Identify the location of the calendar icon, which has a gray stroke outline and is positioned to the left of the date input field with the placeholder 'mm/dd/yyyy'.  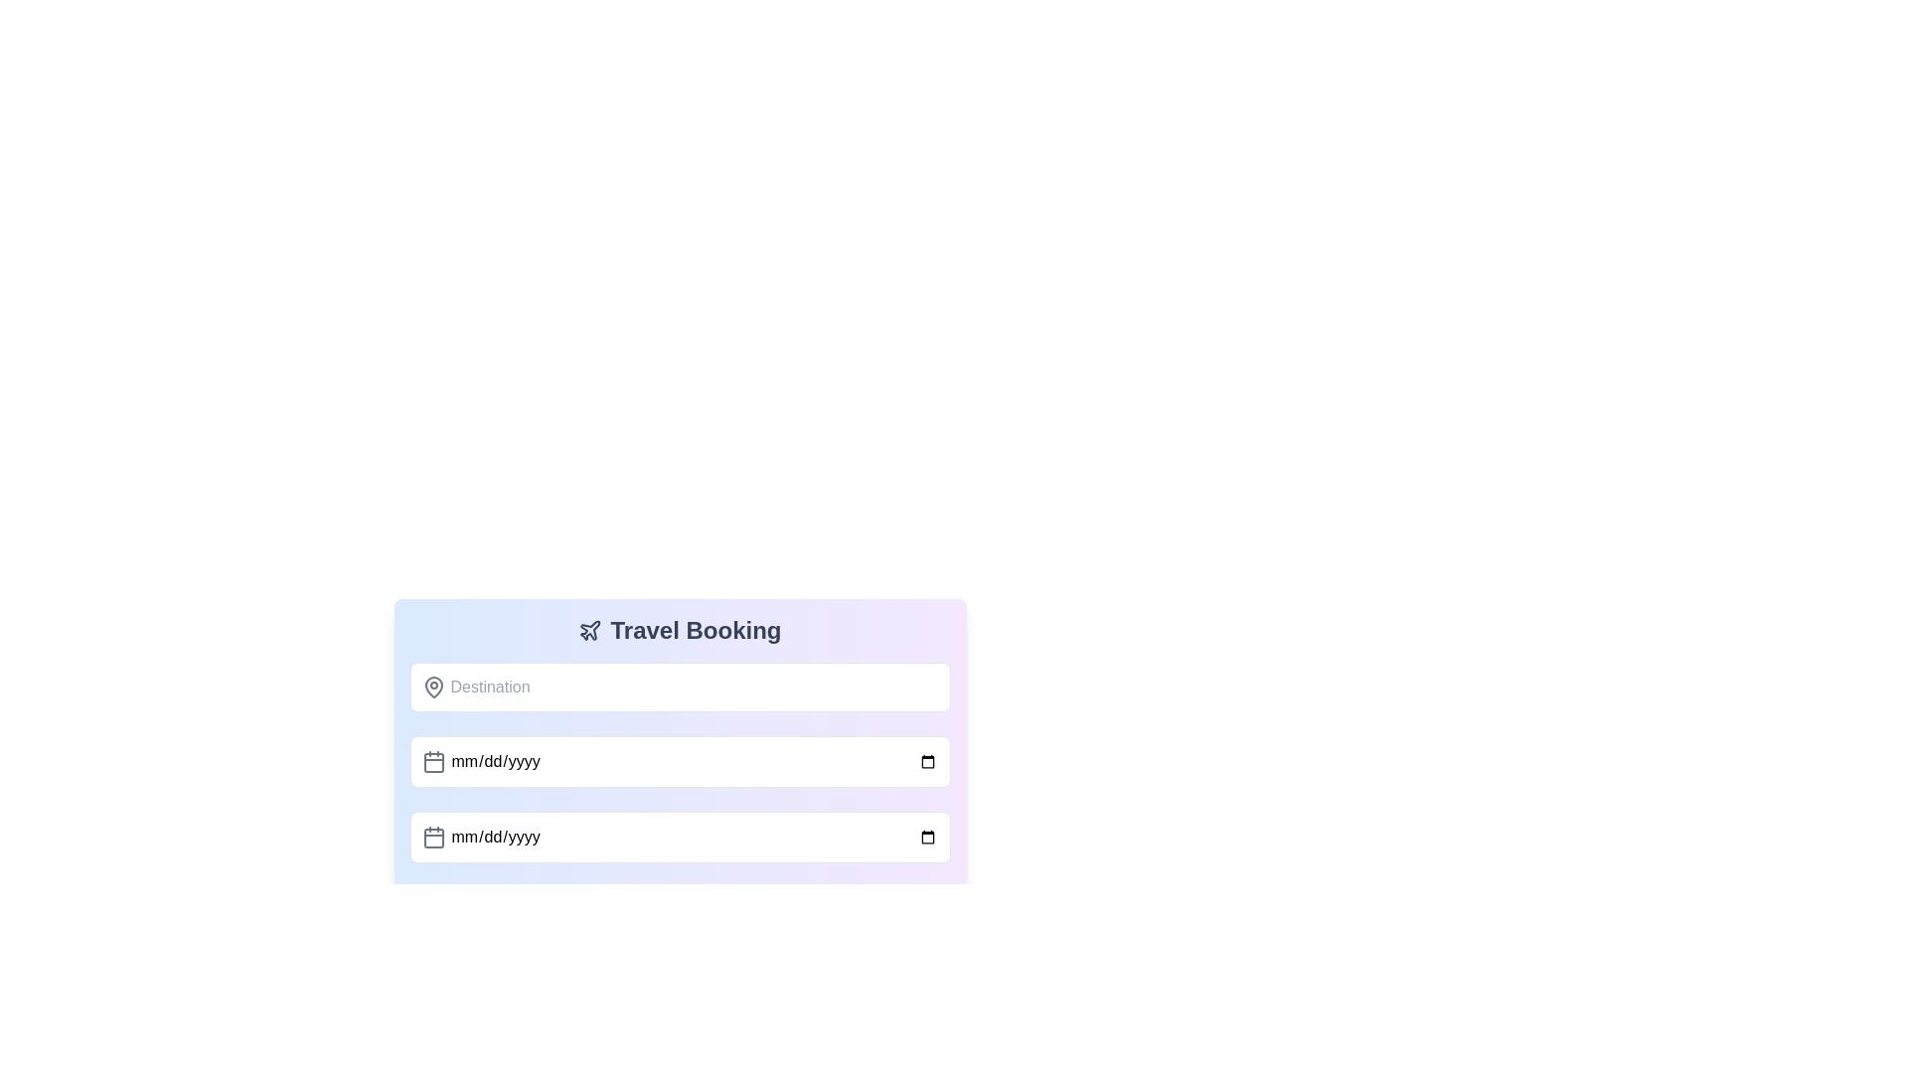
(432, 838).